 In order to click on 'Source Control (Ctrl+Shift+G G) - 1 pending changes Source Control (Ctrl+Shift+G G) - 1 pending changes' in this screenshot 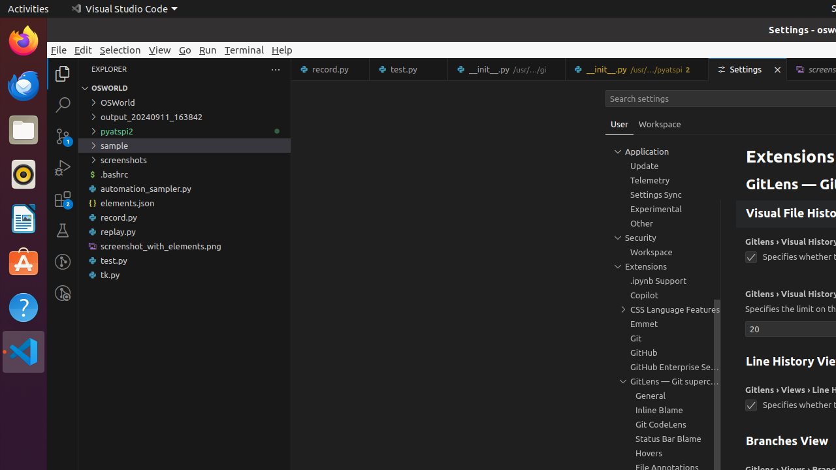, I will do `click(62, 136)`.